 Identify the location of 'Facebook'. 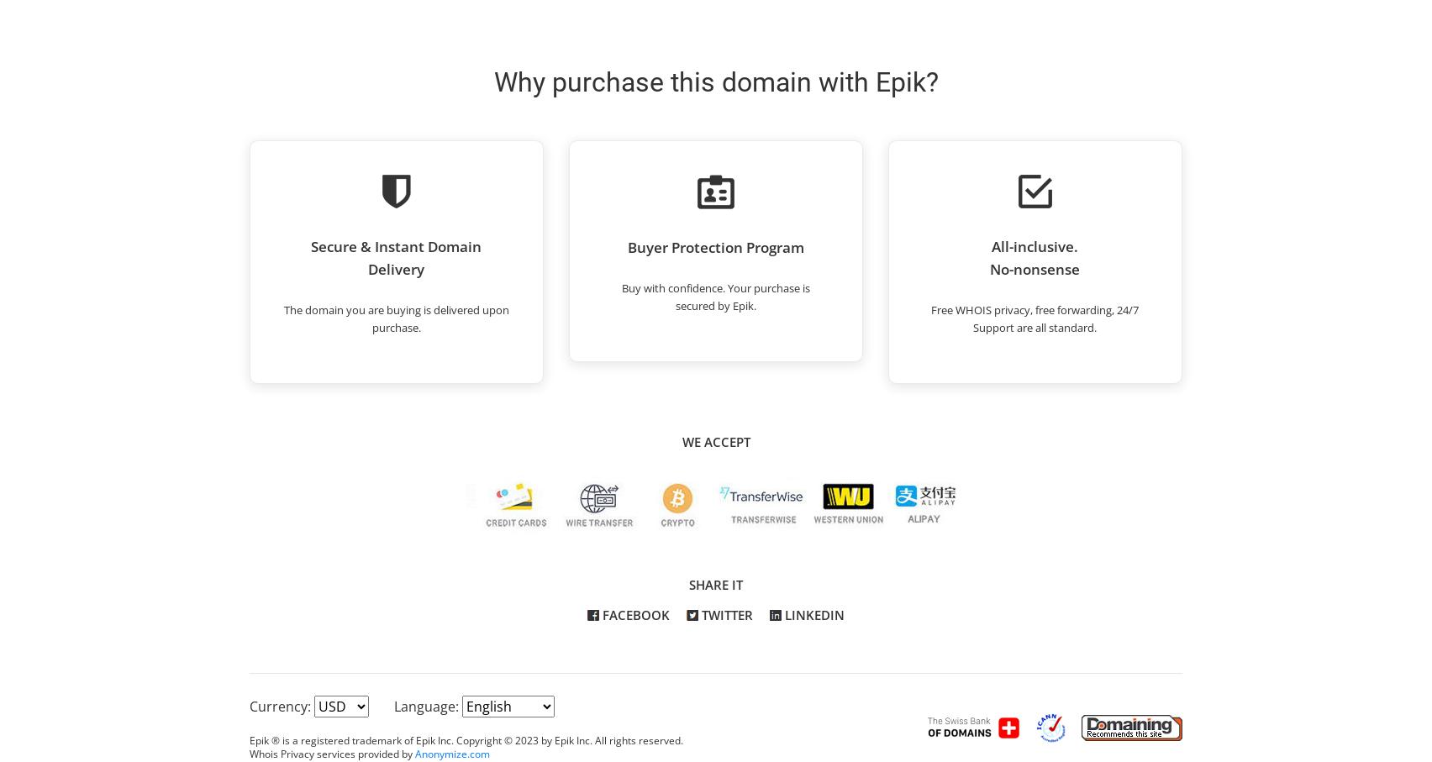
(634, 615).